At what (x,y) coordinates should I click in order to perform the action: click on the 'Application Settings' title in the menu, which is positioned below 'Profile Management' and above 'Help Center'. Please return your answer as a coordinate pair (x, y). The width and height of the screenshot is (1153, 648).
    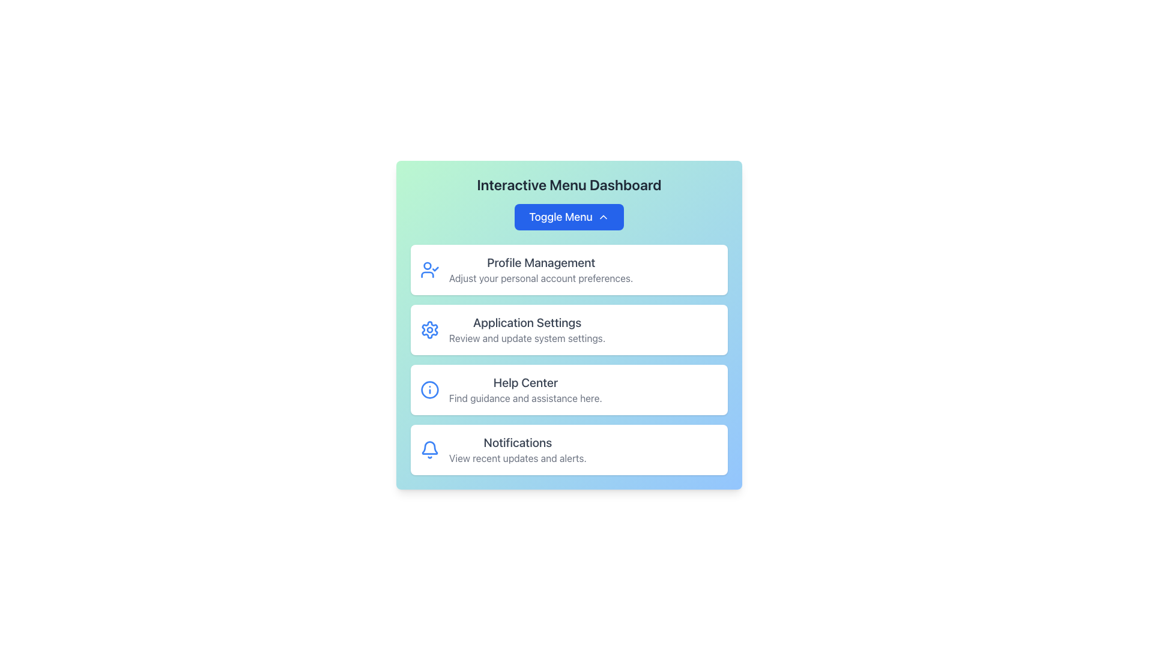
    Looking at the image, I should click on (527, 322).